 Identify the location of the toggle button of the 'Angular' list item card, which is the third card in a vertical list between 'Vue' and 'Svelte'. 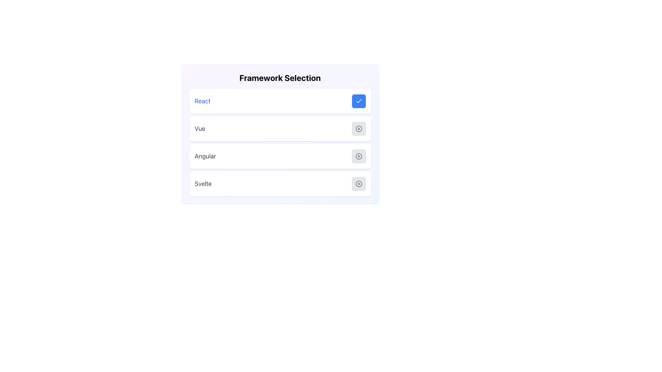
(280, 156).